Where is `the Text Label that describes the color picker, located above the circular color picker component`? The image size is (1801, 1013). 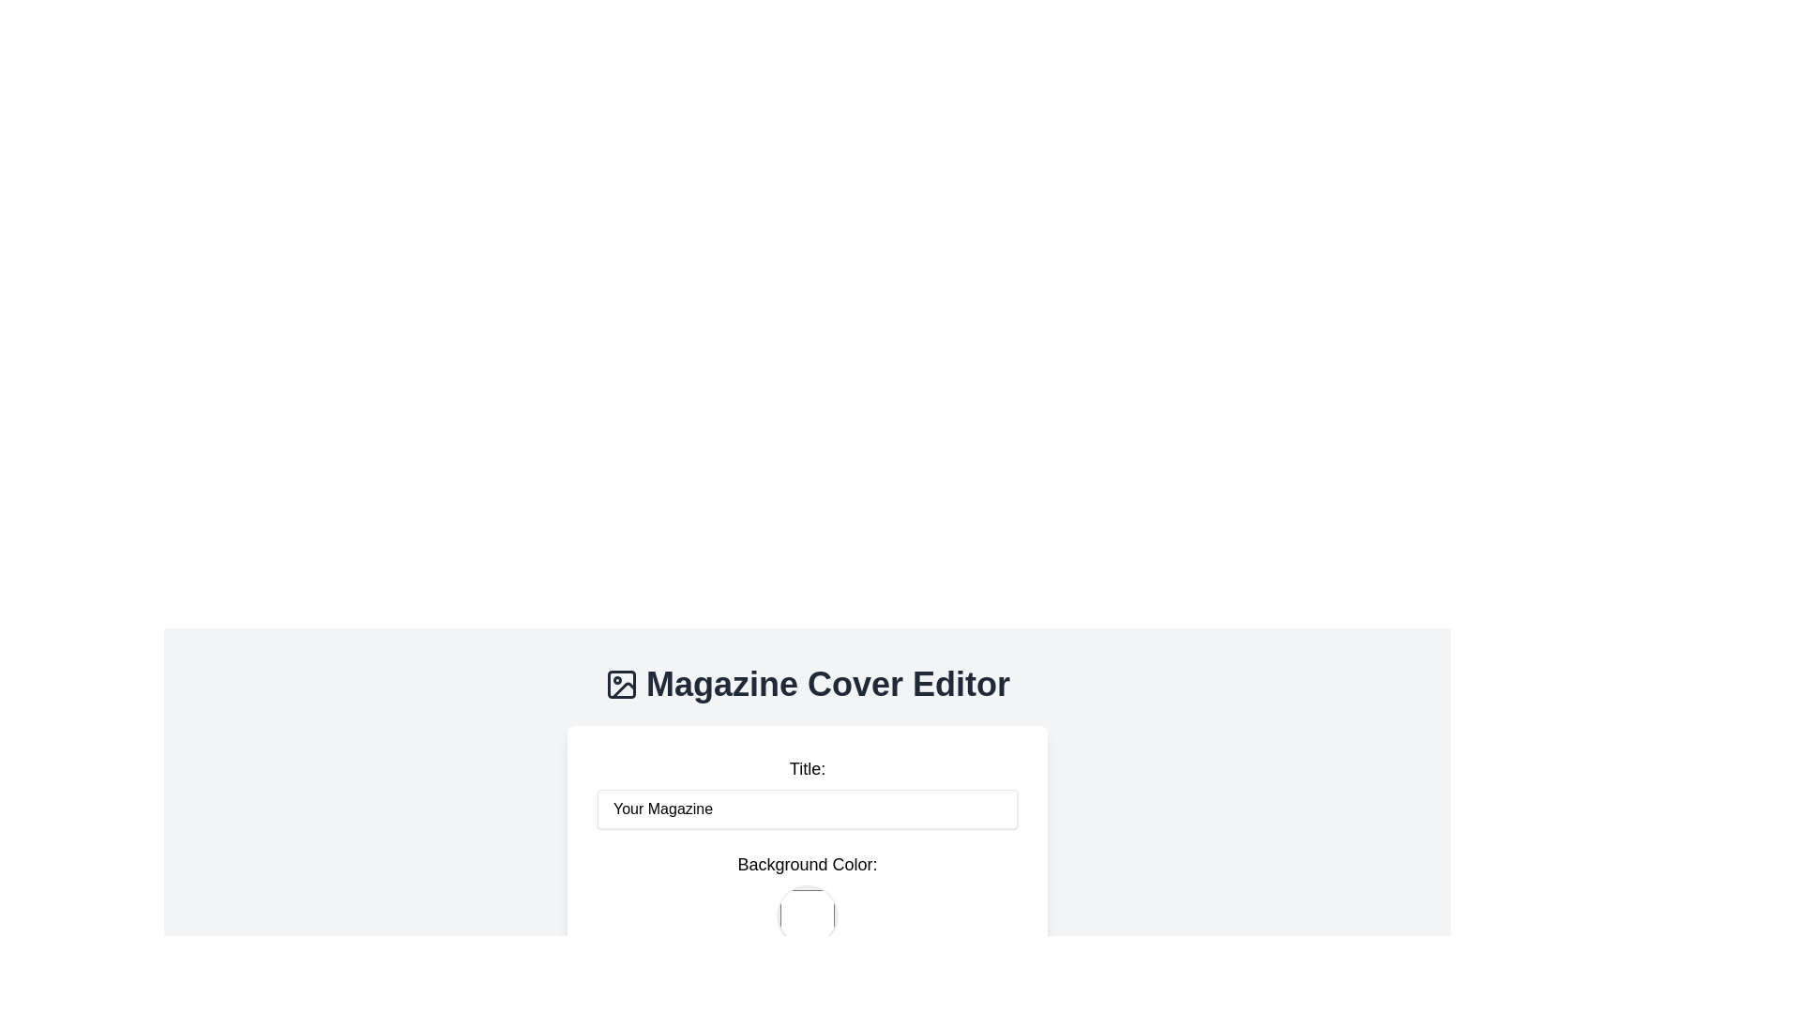 the Text Label that describes the color picker, located above the circular color picker component is located at coordinates (807, 864).